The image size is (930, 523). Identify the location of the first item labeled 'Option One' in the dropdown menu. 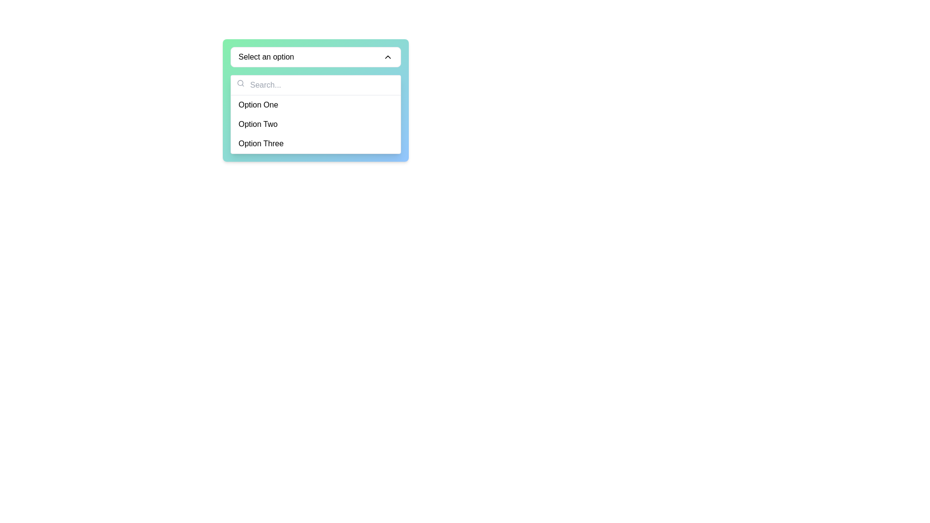
(315, 105).